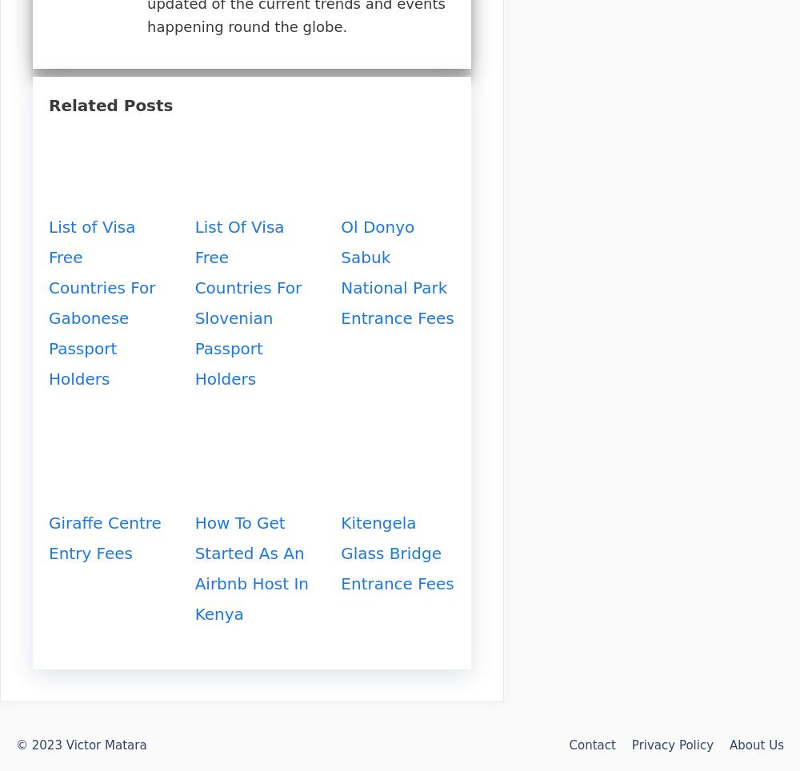 This screenshot has width=800, height=771. I want to click on 'Kitengela Glass Bridge Entrance Fees', so click(396, 552).